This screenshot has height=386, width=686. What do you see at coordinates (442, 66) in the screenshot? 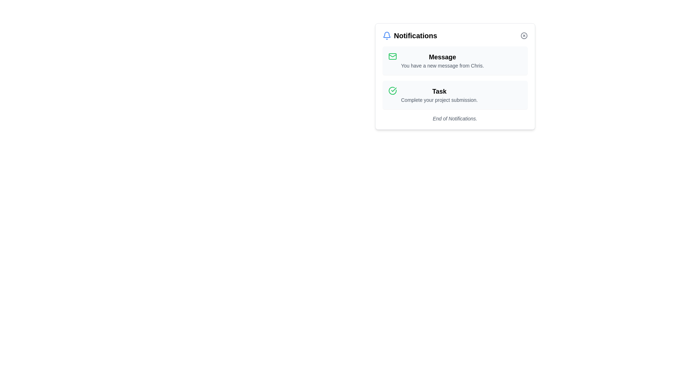
I see `the notification message text element that informs the user about a new message received from Chris, located under the heading 'Message' in the top-right region of the interface` at bounding box center [442, 66].